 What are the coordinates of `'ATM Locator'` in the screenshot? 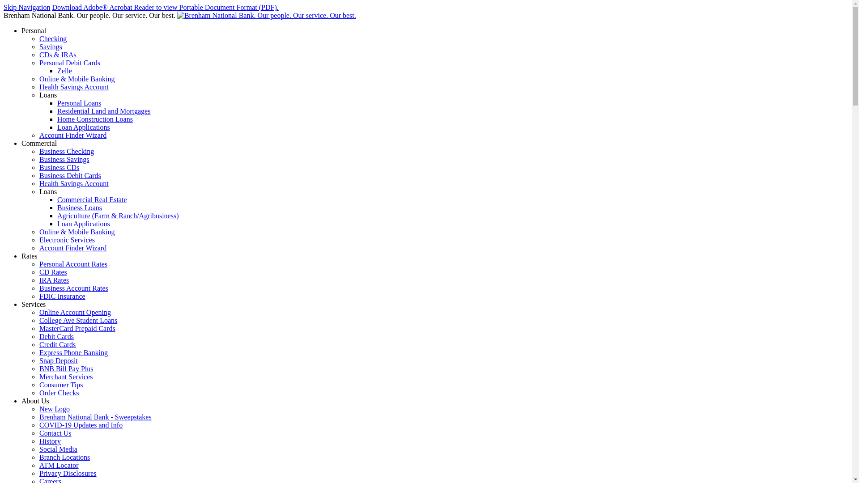 It's located at (58, 465).